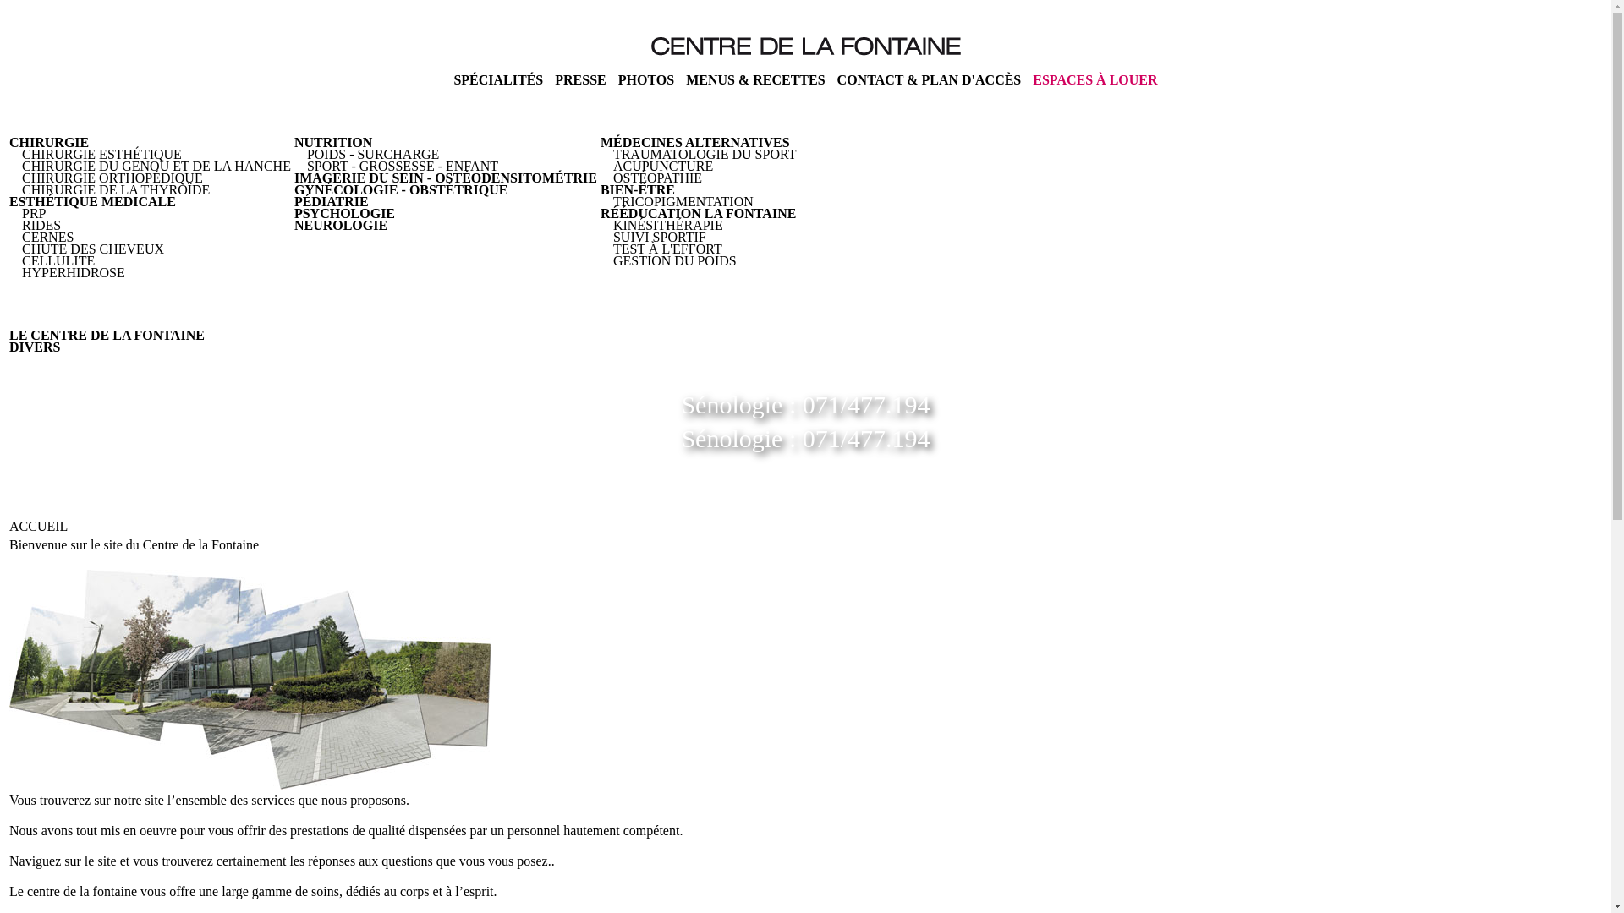  Describe the element at coordinates (645, 79) in the screenshot. I see `'PHOTOS'` at that location.